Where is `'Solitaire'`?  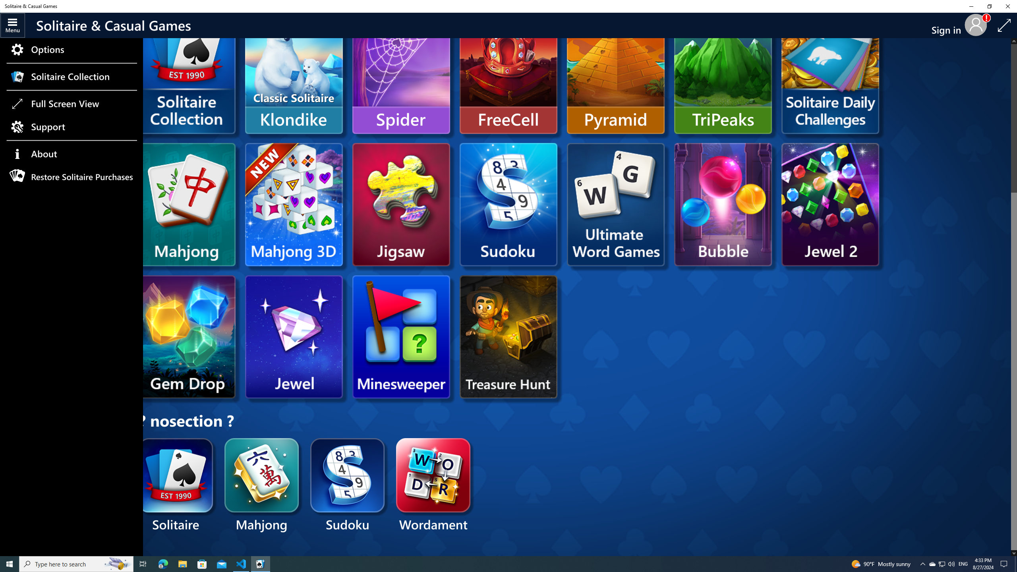 'Solitaire' is located at coordinates (176, 485).